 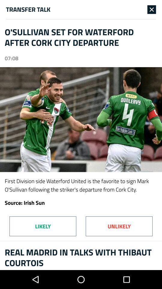 I want to click on icon next to the unlikely, so click(x=42, y=226).